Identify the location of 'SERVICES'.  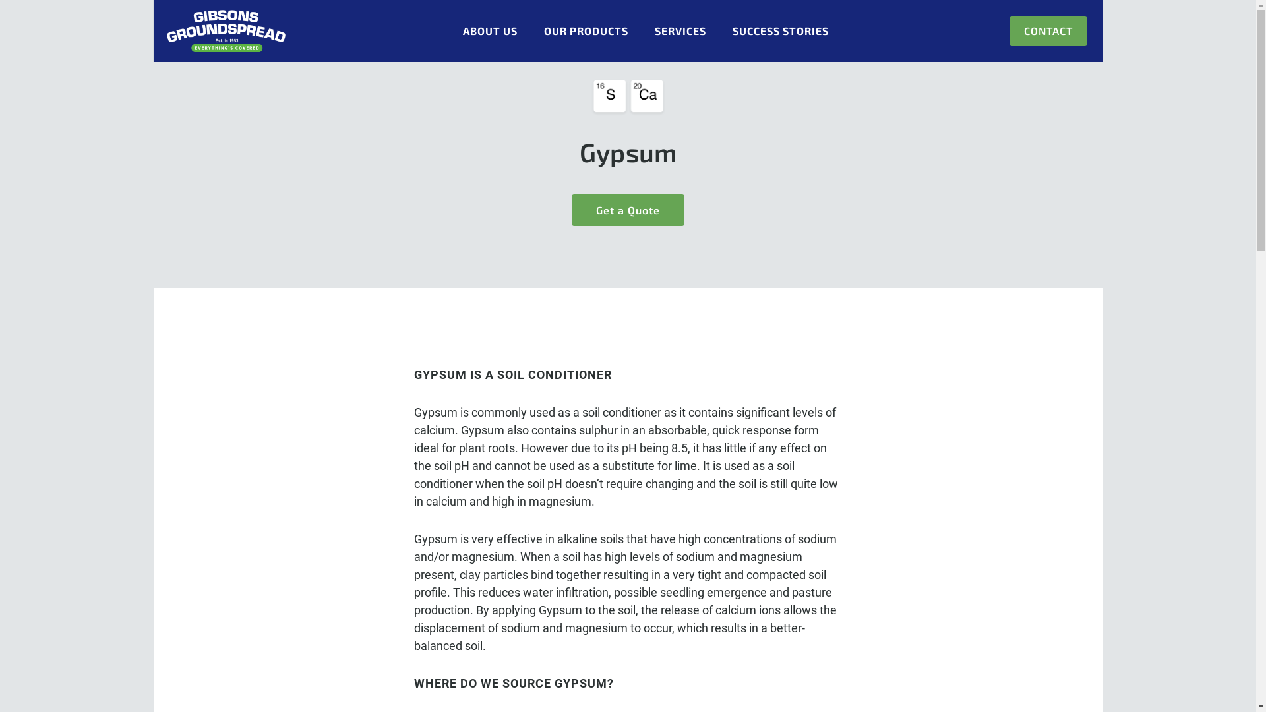
(680, 30).